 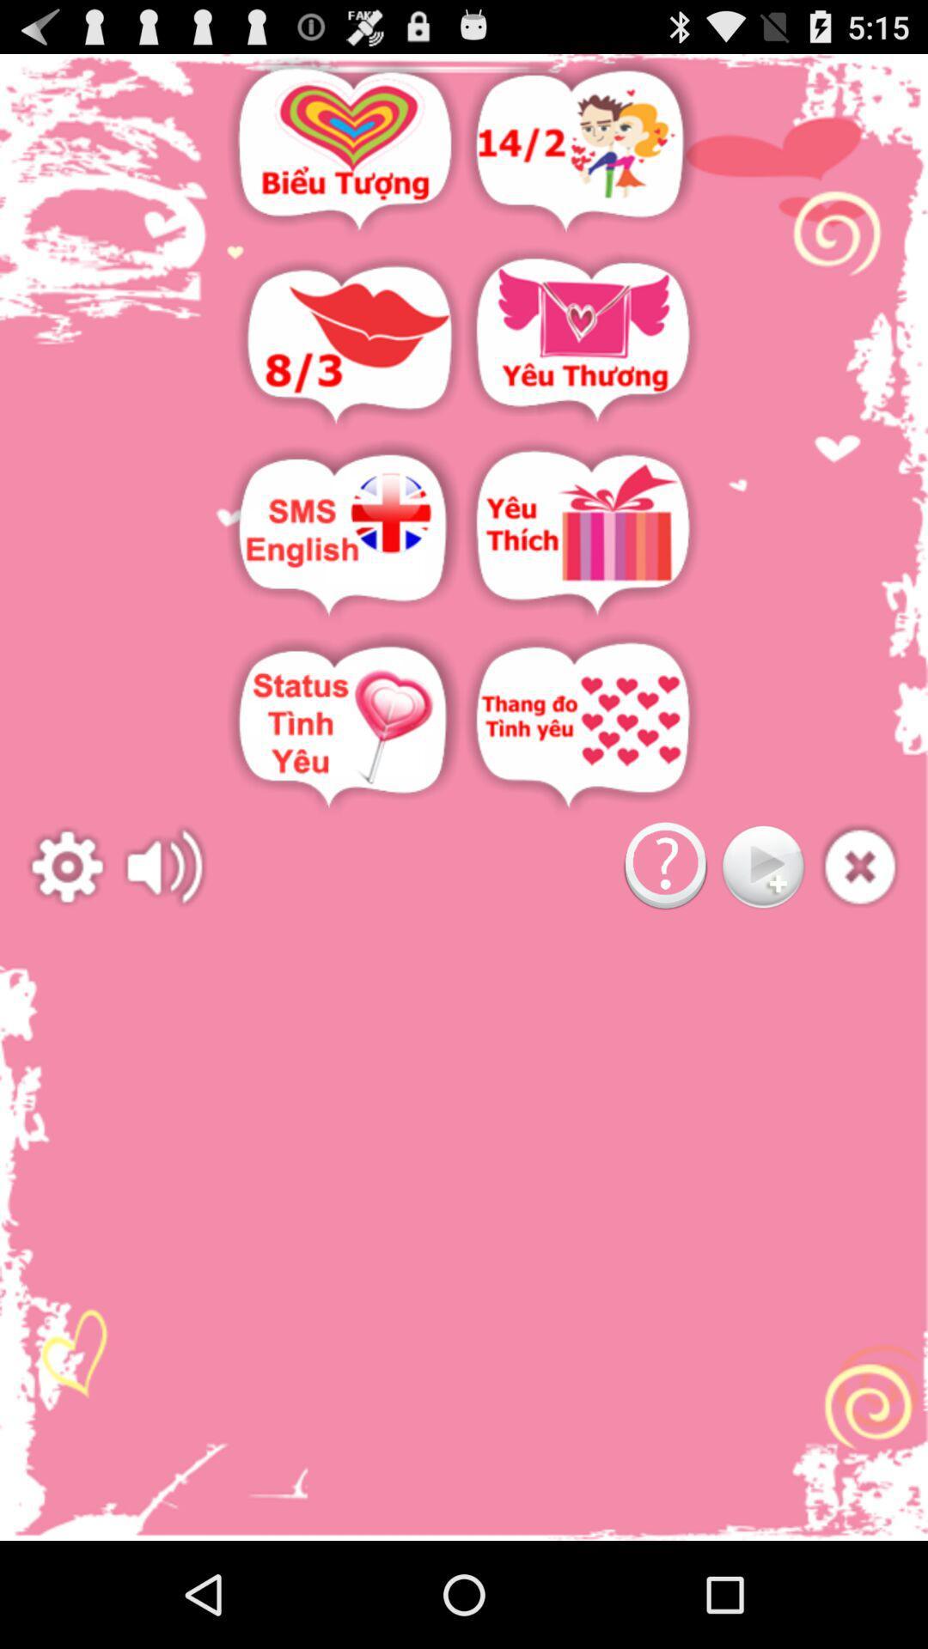 What do you see at coordinates (761, 867) in the screenshot?
I see `next` at bounding box center [761, 867].